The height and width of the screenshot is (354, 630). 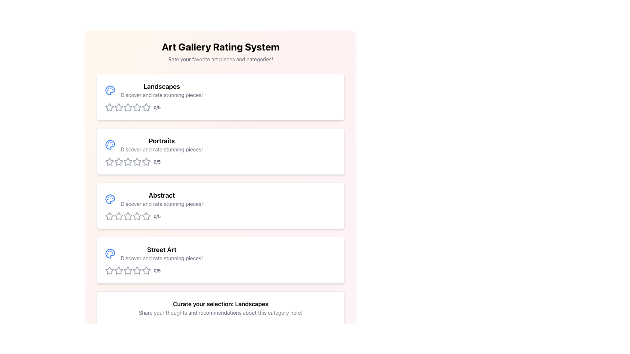 What do you see at coordinates (162, 195) in the screenshot?
I see `the 'Abstract' text label, which serves as the title for the third section in a vertically stacked list of categories including 'Landscapes', 'Portraits', and 'Street Art'` at bounding box center [162, 195].